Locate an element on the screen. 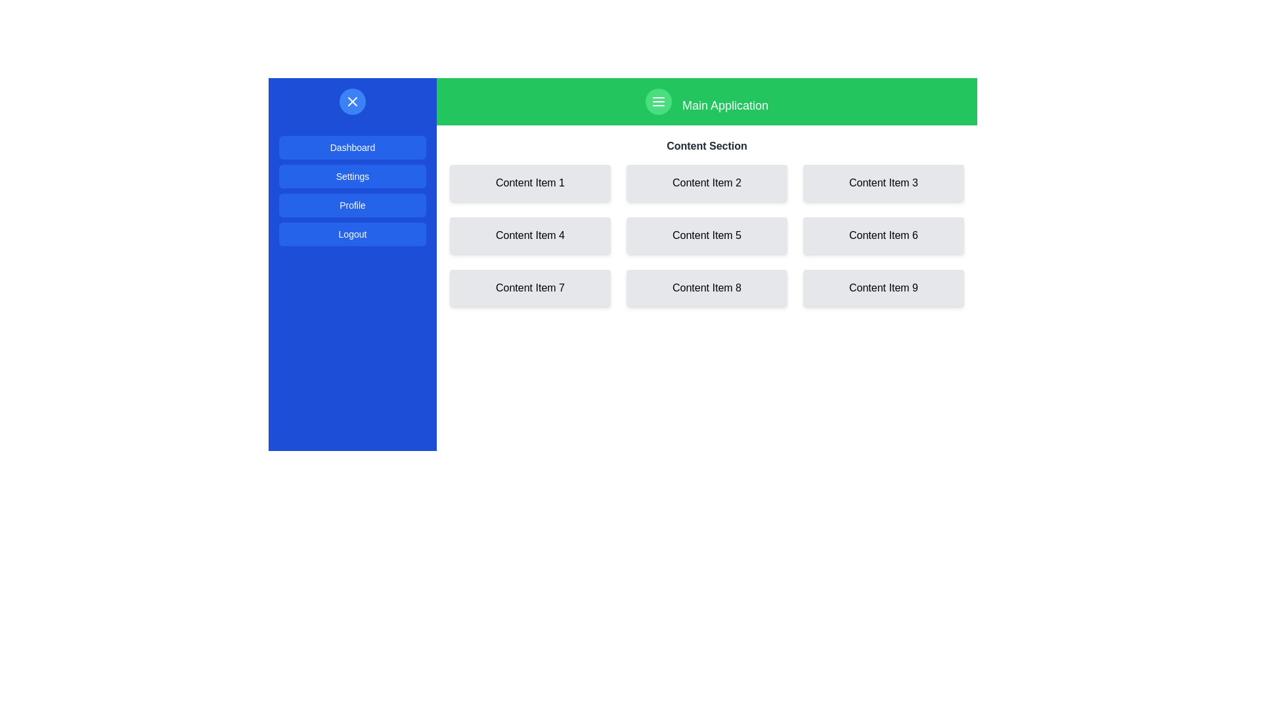 The width and height of the screenshot is (1261, 709). the static content item box located in the second row, third column of a 3x3 grid layout, adjacent to 'Content Item 5' on the left and above 'Content Item 9' is located at coordinates (883, 234).